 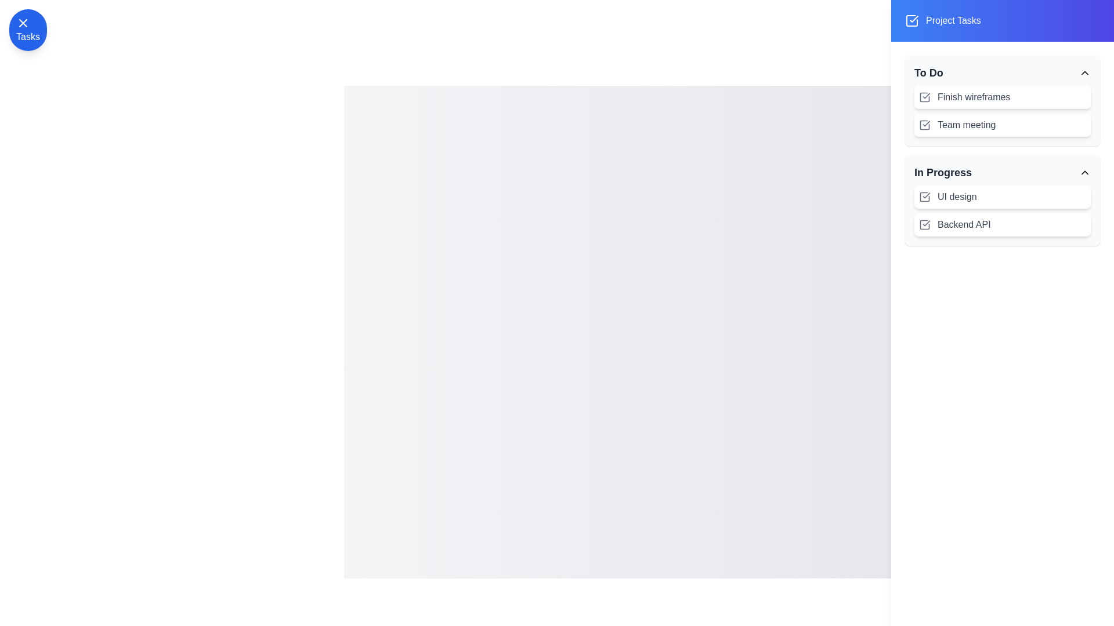 What do you see at coordinates (28, 29) in the screenshot?
I see `button labeled 'Tasks' at the top-left corner to toggle the visibility of the task drawer` at bounding box center [28, 29].